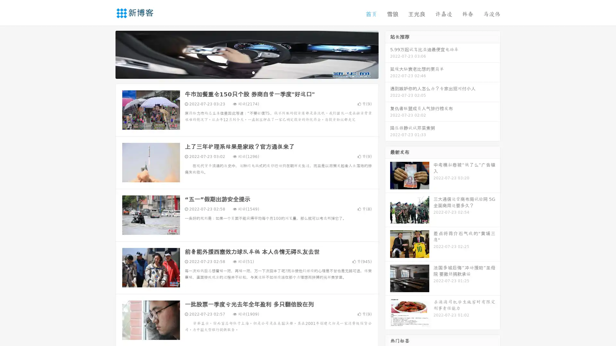  Describe the element at coordinates (106, 54) in the screenshot. I see `Previous slide` at that location.